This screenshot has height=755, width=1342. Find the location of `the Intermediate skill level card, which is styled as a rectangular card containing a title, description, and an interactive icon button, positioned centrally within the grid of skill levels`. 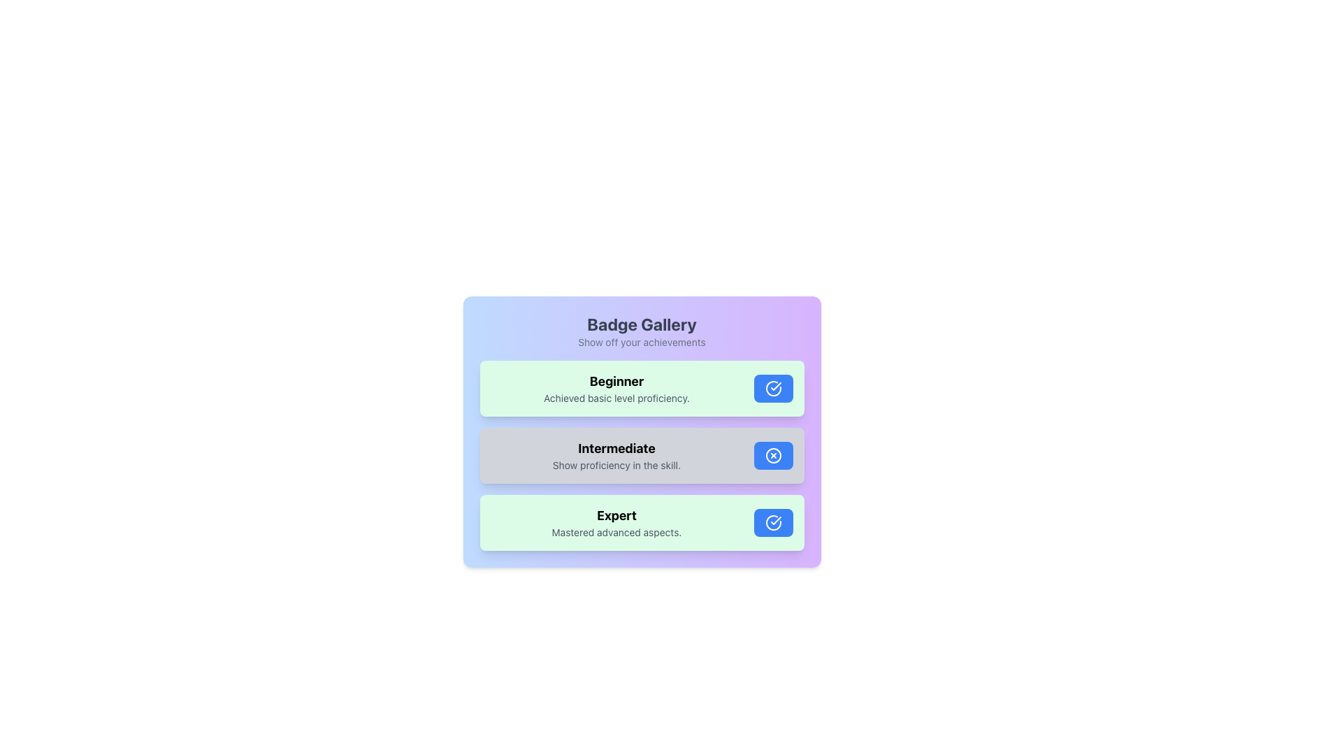

the Intermediate skill level card, which is styled as a rectangular card containing a title, description, and an interactive icon button, positioned centrally within the grid of skill levels is located at coordinates (641, 455).